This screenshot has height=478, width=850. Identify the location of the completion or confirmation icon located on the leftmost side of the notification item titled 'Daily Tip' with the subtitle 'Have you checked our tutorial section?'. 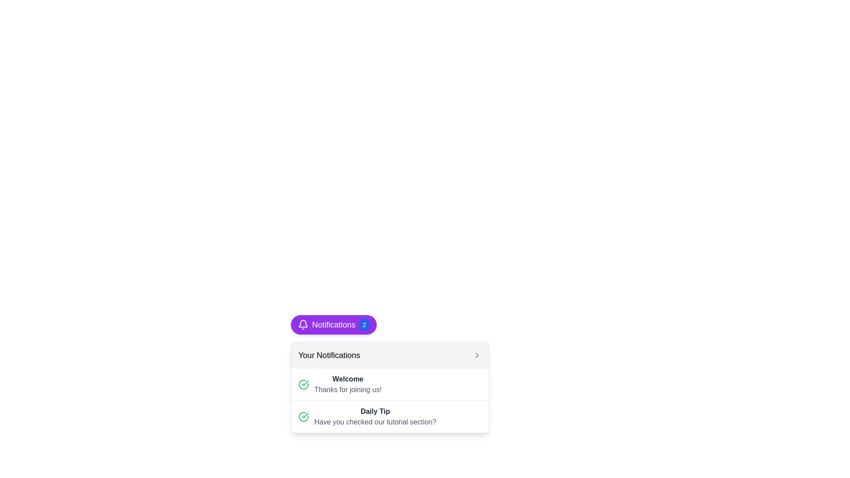
(304, 416).